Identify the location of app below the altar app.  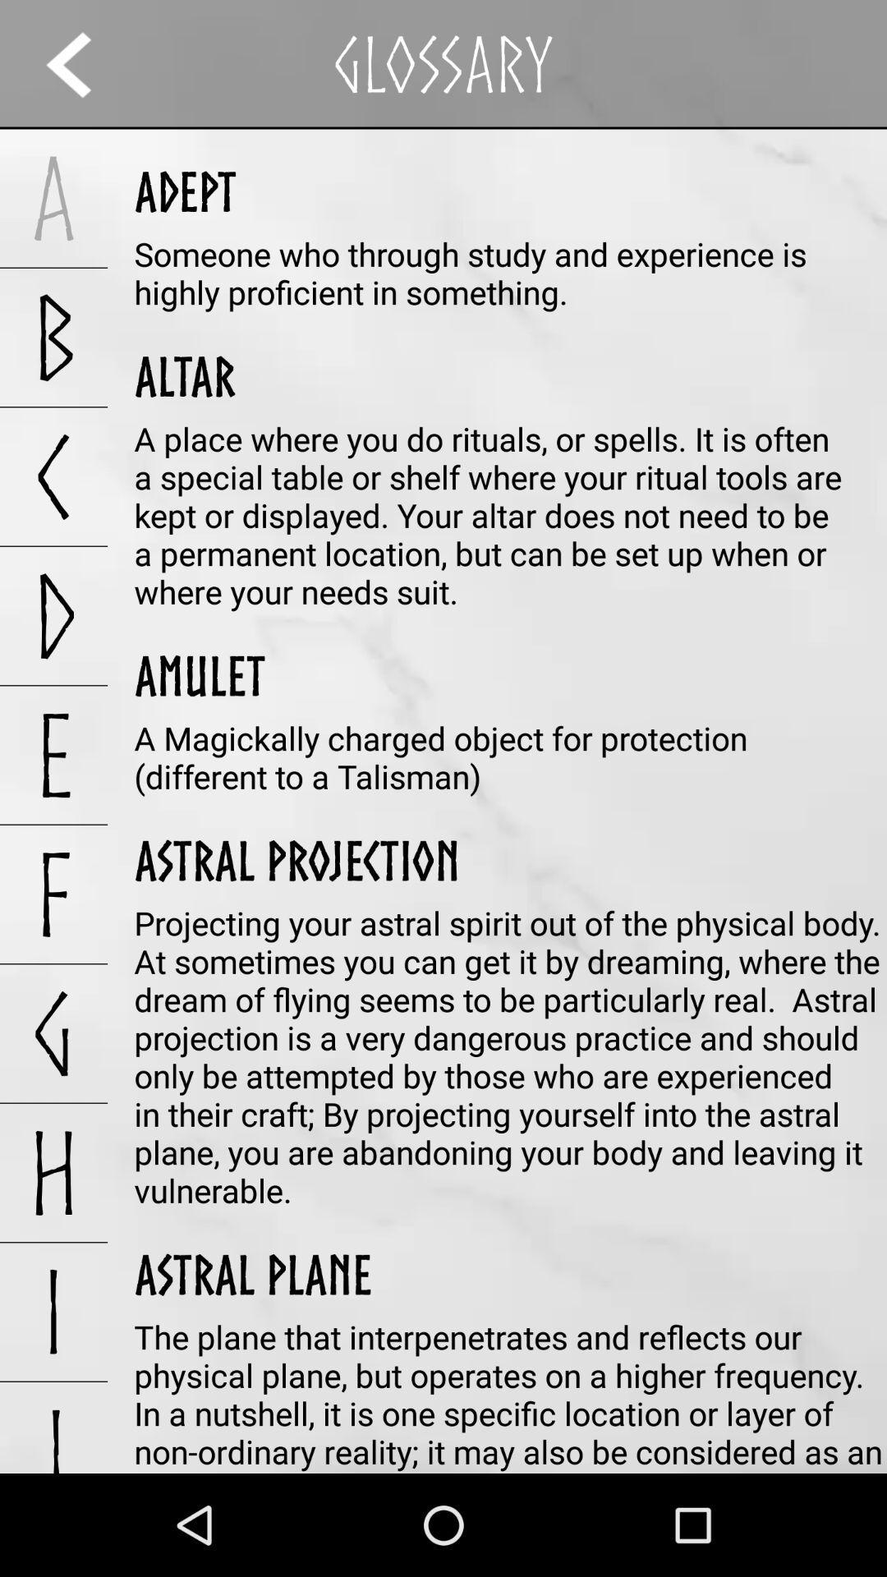
(509, 514).